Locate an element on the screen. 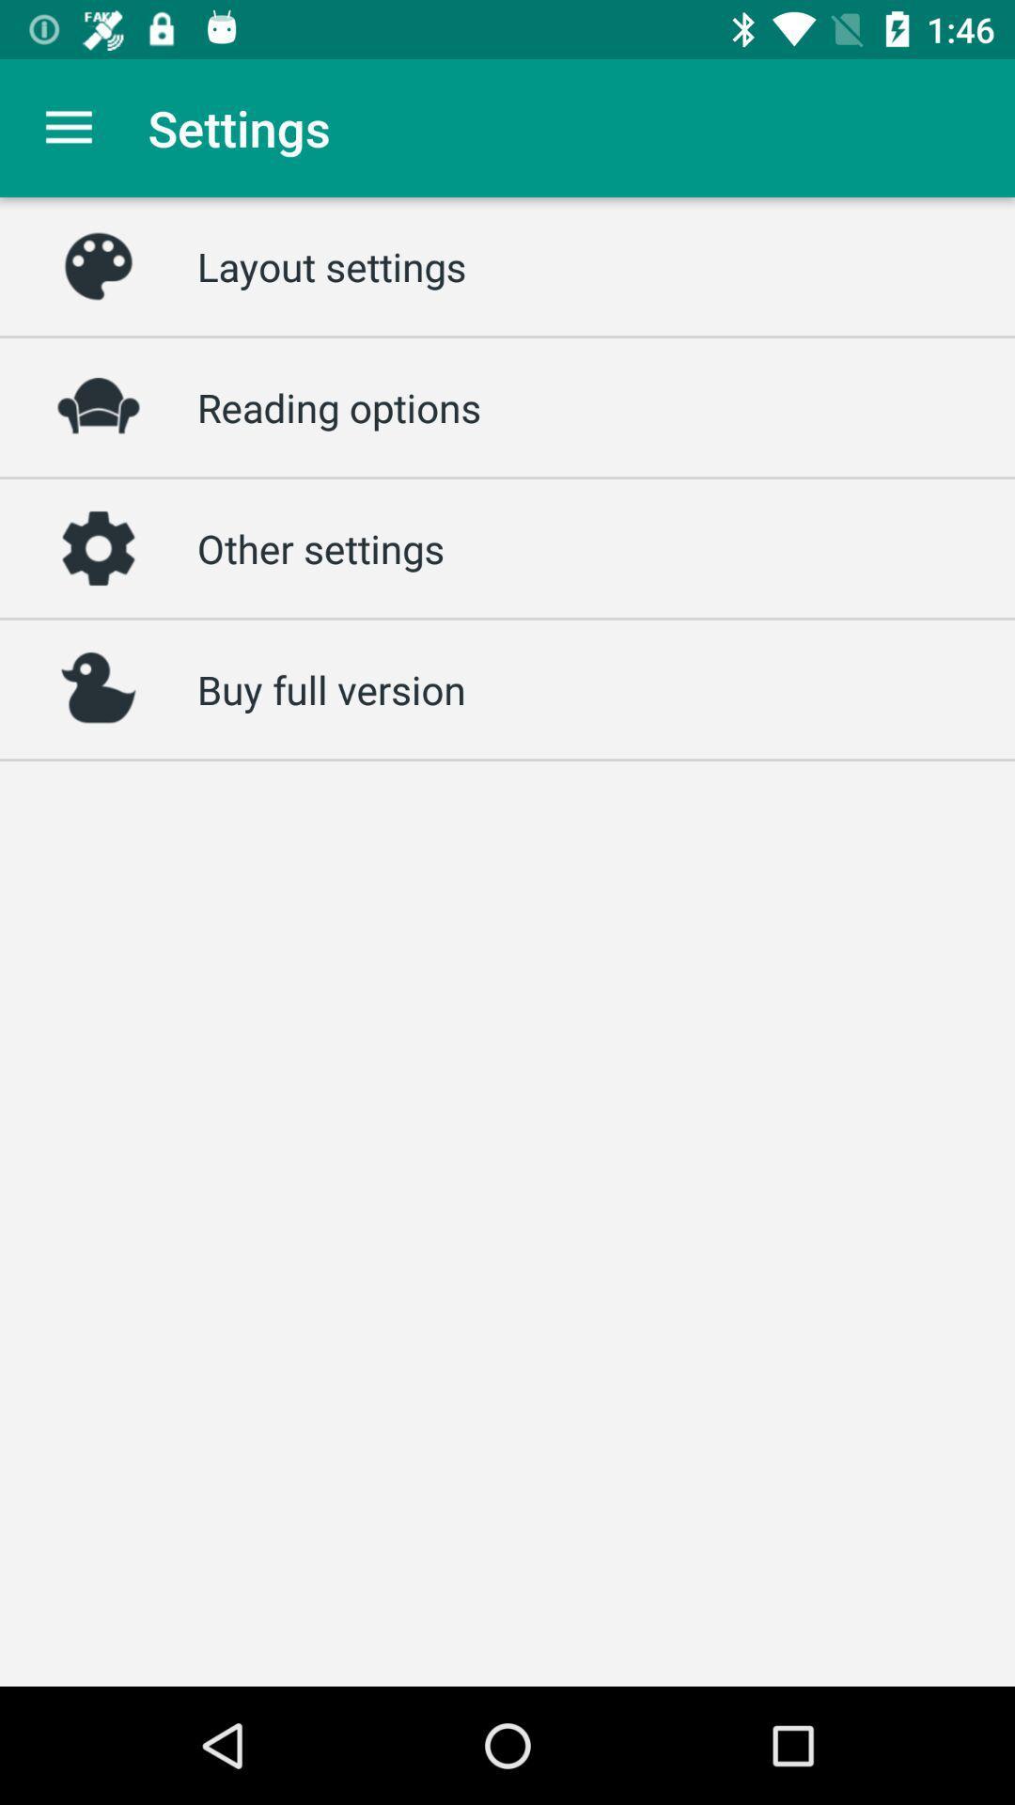 The image size is (1015, 1805). item next to the settings app is located at coordinates (68, 127).